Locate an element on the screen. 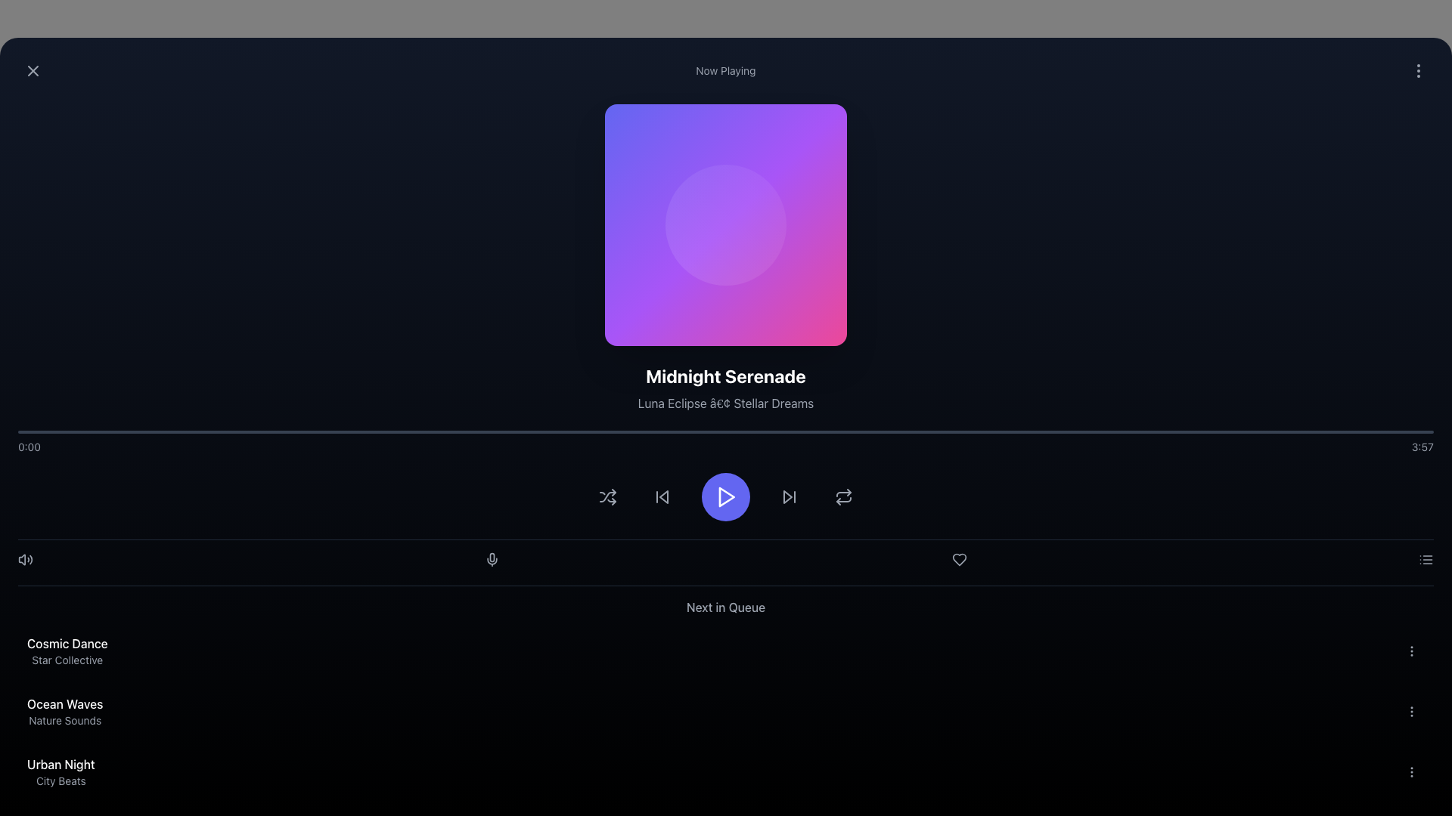  the button with a dark theme and a list icon located in the bottom-right corner of the interface is located at coordinates (1426, 559).